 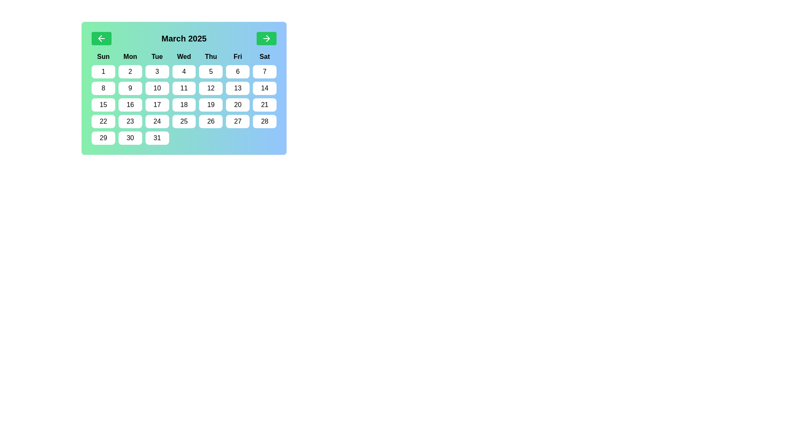 What do you see at coordinates (237, 71) in the screenshot?
I see `the button representing the 6th day of the month in the calendar layout, located below the 'Fri' header` at bounding box center [237, 71].